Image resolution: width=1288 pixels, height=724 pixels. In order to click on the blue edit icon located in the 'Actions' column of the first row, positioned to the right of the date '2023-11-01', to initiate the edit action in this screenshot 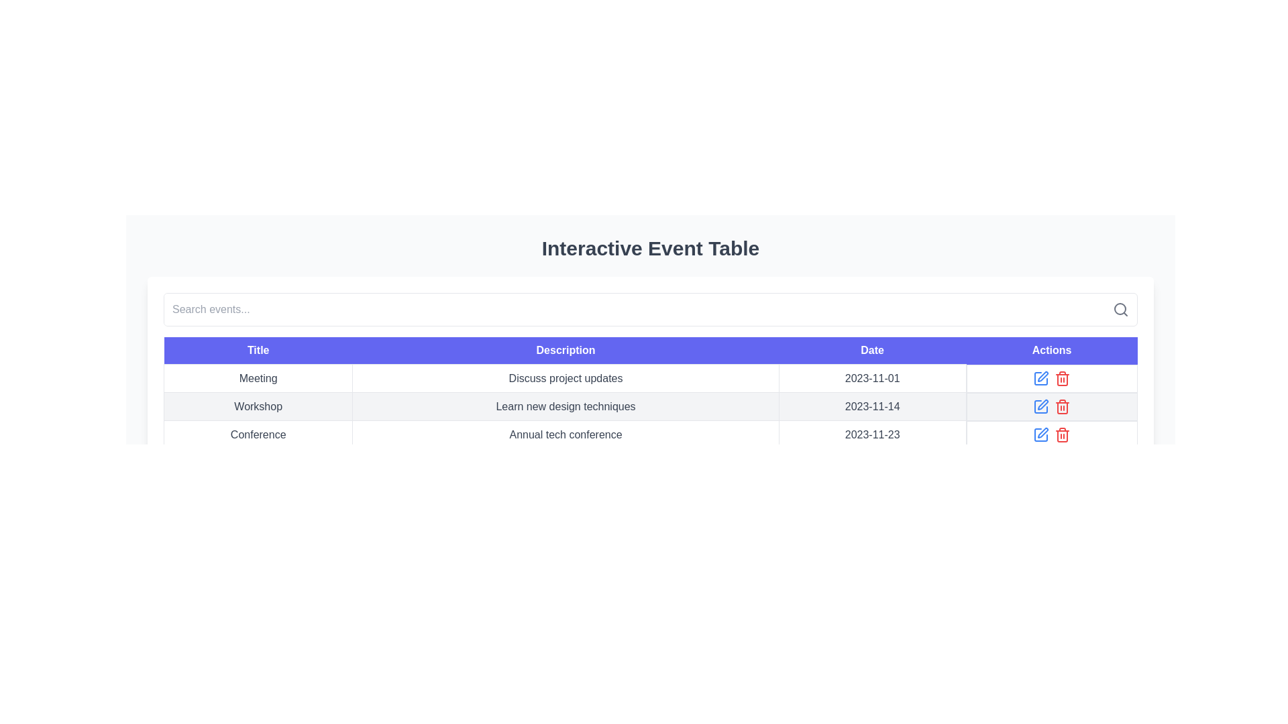, I will do `click(1051, 378)`.